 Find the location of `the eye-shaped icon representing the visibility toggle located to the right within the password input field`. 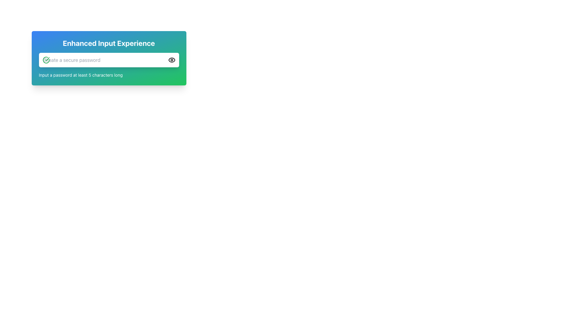

the eye-shaped icon representing the visibility toggle located to the right within the password input field is located at coordinates (171, 60).